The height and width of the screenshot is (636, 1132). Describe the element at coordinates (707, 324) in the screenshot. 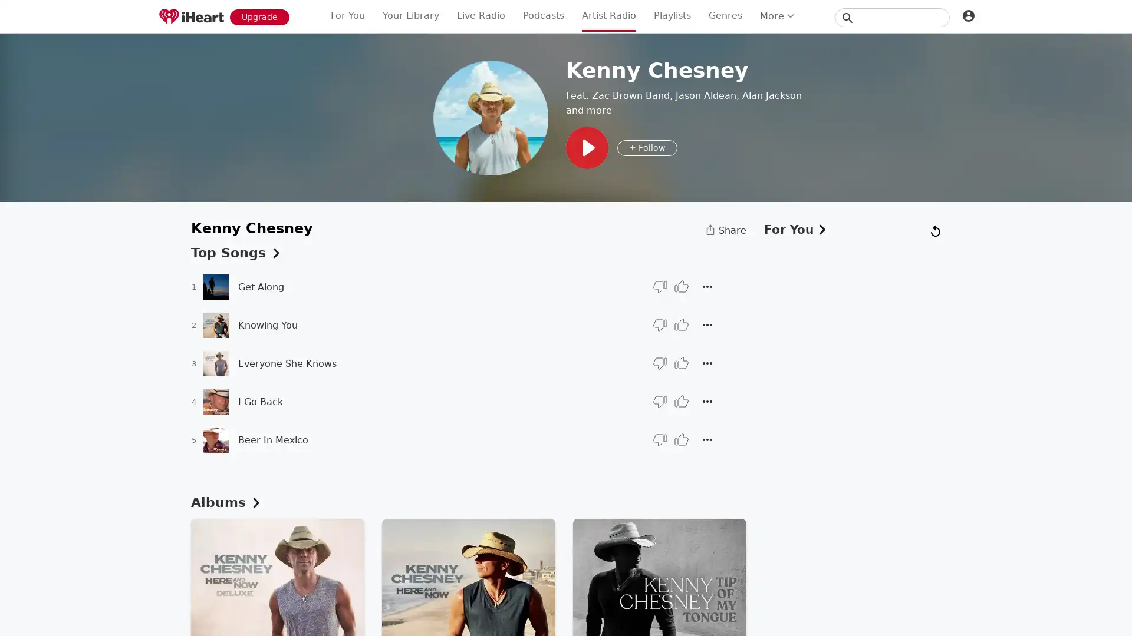

I see `More` at that location.